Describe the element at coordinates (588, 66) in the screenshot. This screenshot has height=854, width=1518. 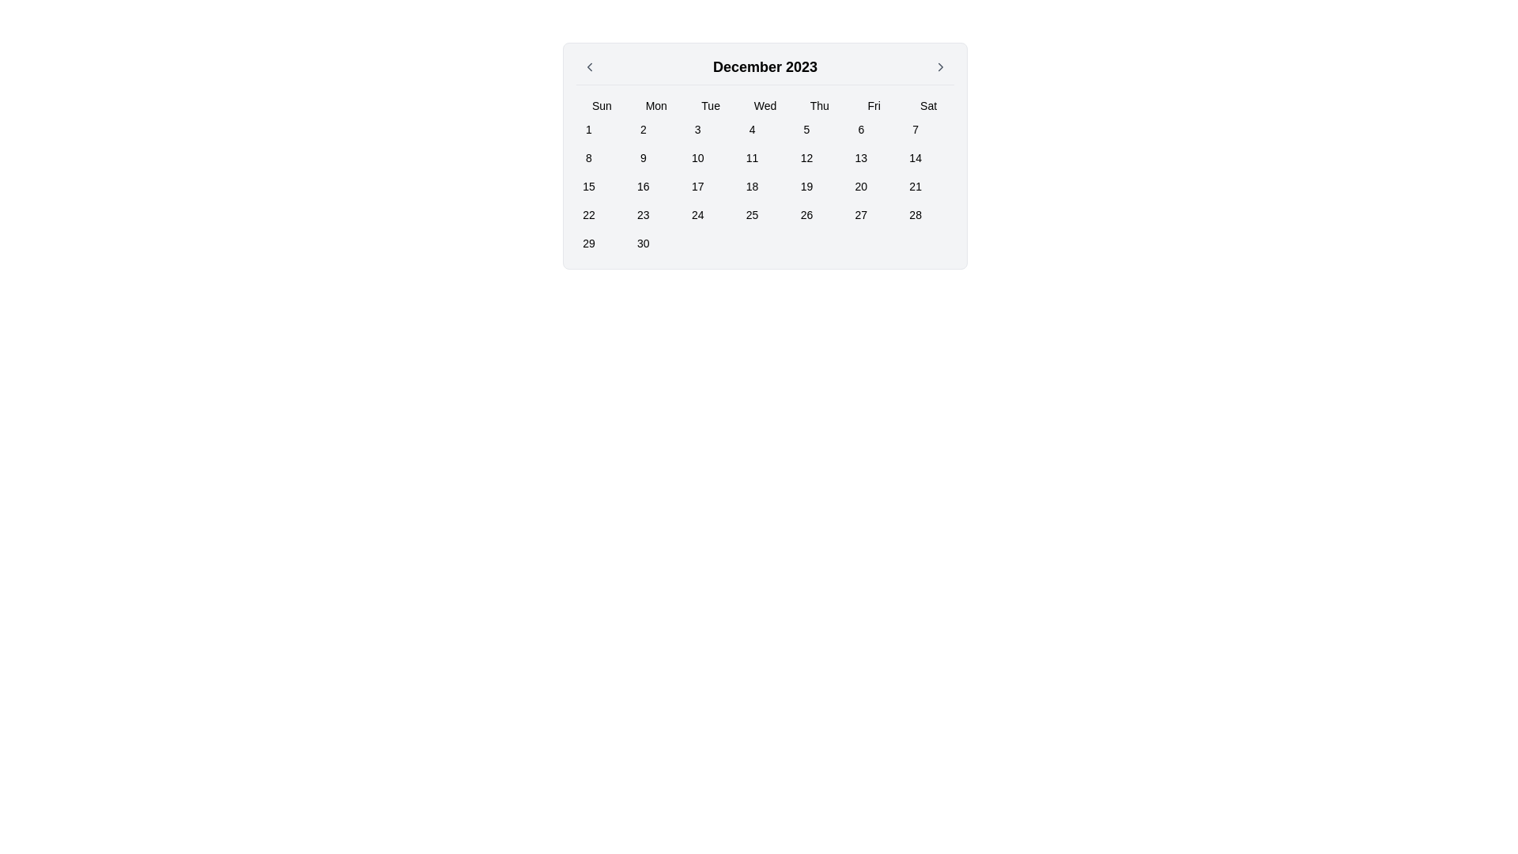
I see `the left-facing chevron icon button located near the top-left corner of the calendar panel, just to the left of the calendar title 'December 2023'` at that location.